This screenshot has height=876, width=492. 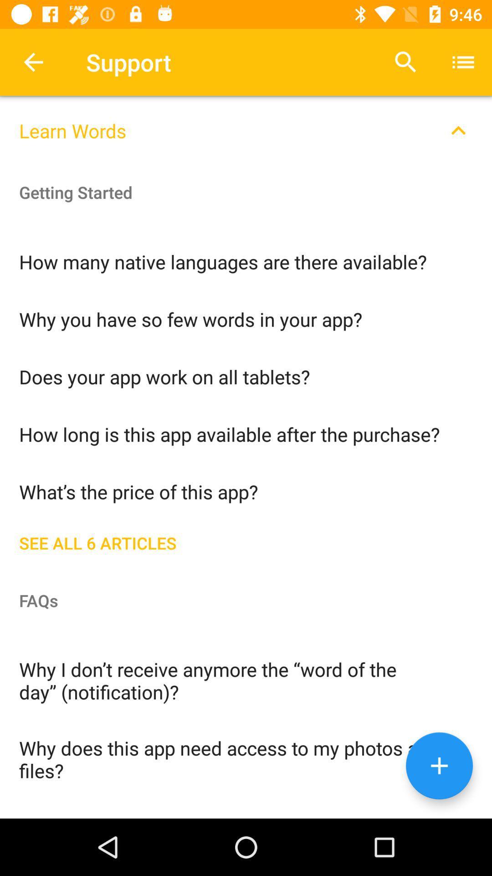 What do you see at coordinates (246, 125) in the screenshot?
I see `item above the getting started item` at bounding box center [246, 125].